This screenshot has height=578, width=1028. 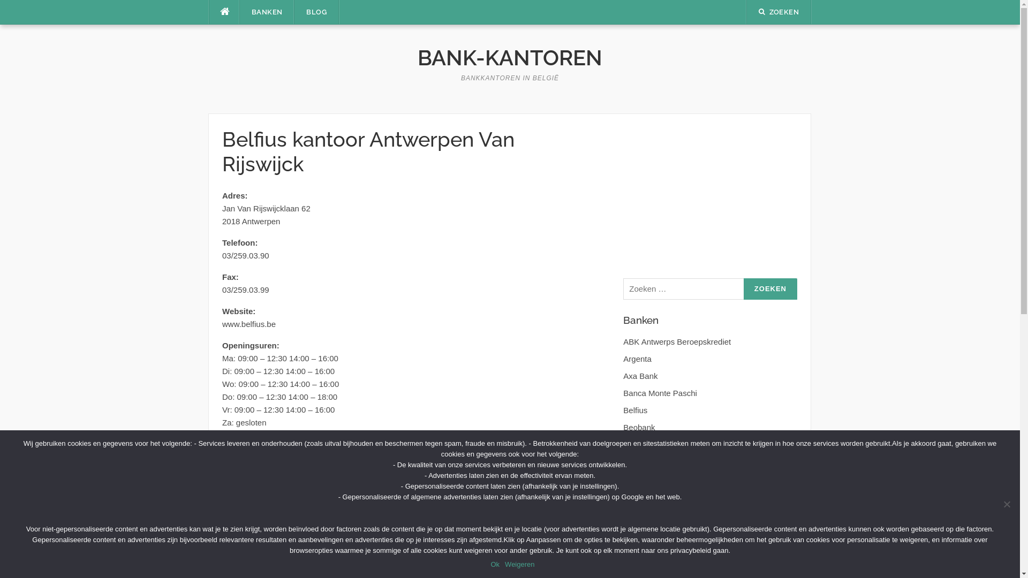 I want to click on 'Beobank', so click(x=623, y=427).